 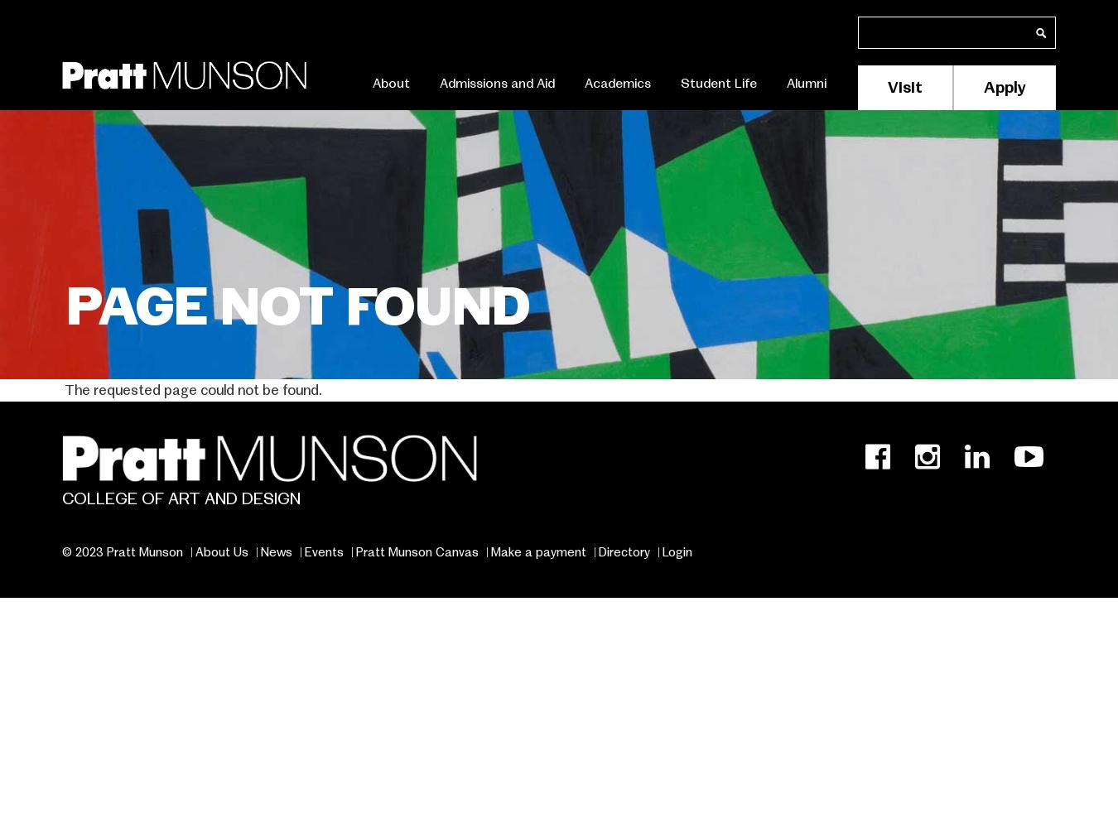 I want to click on 'Page not found', so click(x=298, y=305).